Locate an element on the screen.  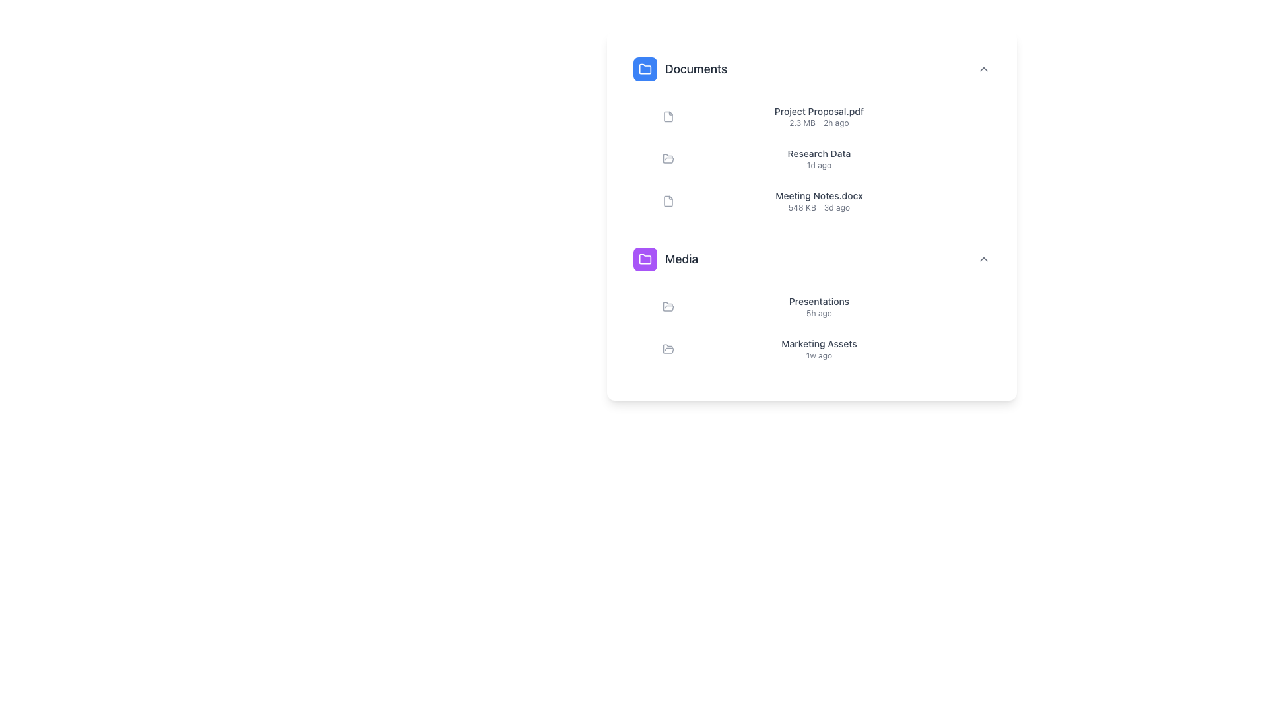
the first selectable list item labeled 'Presentations' under the 'Media' section is located at coordinates (827, 307).